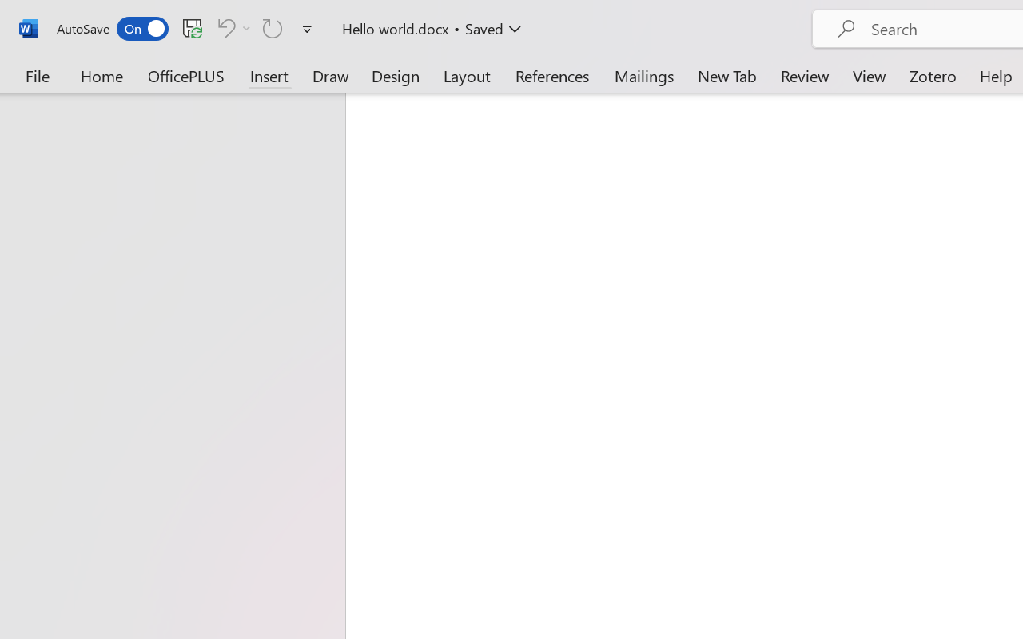 This screenshot has height=639, width=1023. I want to click on 'Mailings', so click(644, 75).